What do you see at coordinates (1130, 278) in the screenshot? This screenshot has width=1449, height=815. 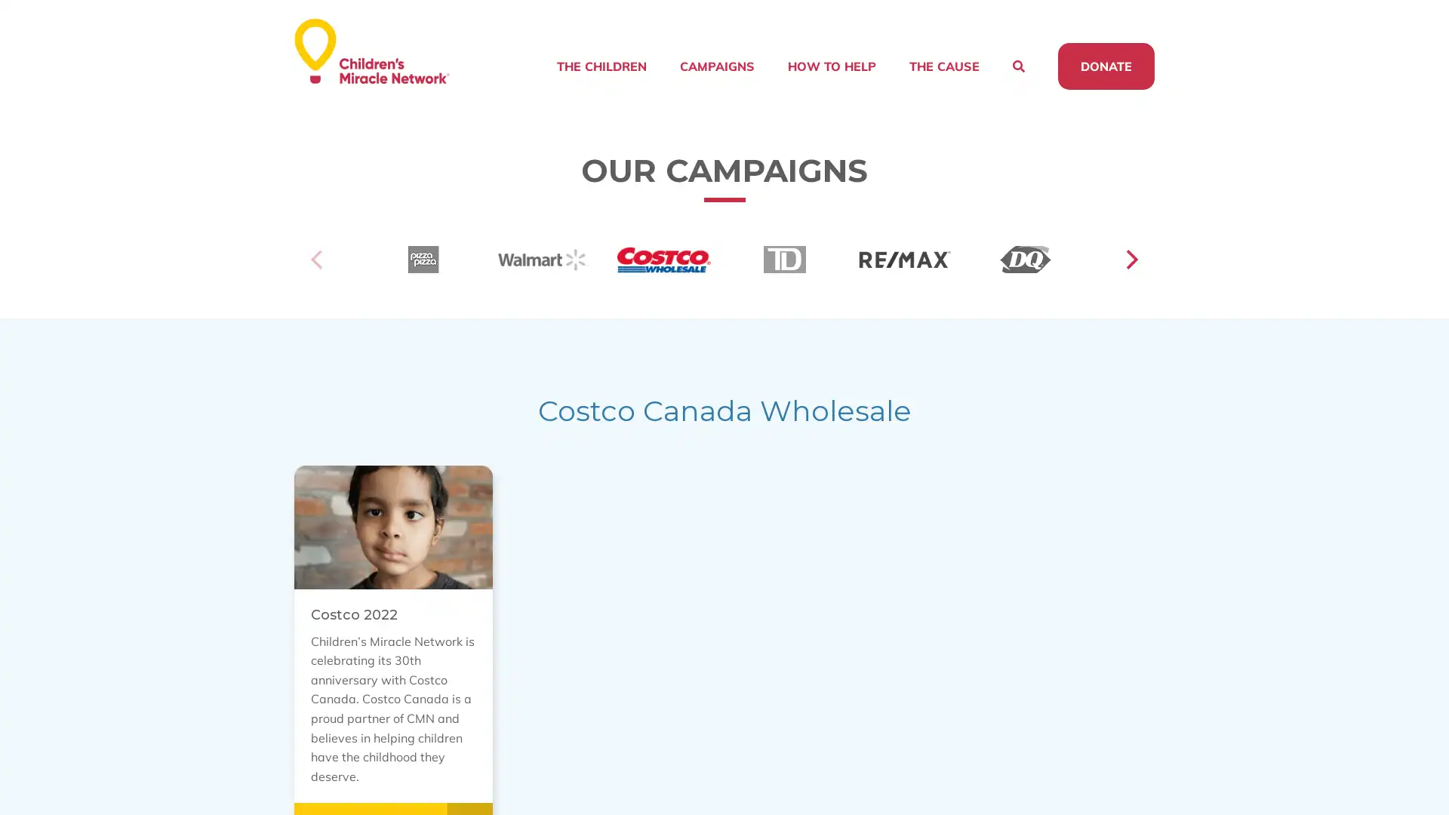 I see `Next` at bounding box center [1130, 278].